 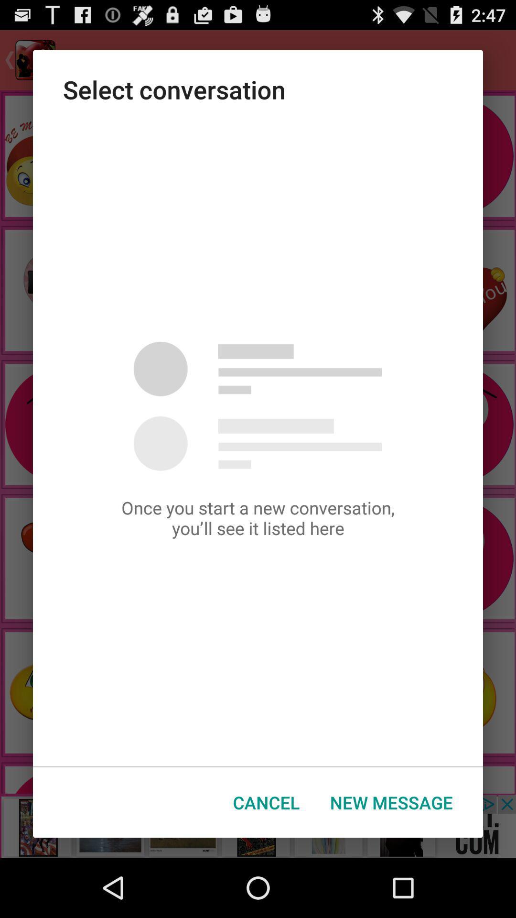 What do you see at coordinates (391, 802) in the screenshot?
I see `the item to the right of the cancel icon` at bounding box center [391, 802].